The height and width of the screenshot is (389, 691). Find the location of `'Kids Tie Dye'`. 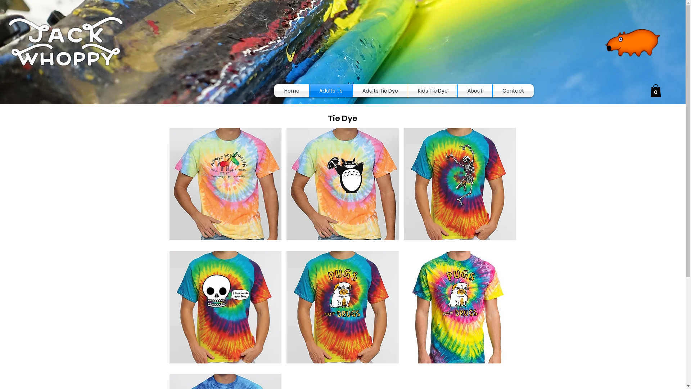

'Kids Tie Dye' is located at coordinates (432, 90).